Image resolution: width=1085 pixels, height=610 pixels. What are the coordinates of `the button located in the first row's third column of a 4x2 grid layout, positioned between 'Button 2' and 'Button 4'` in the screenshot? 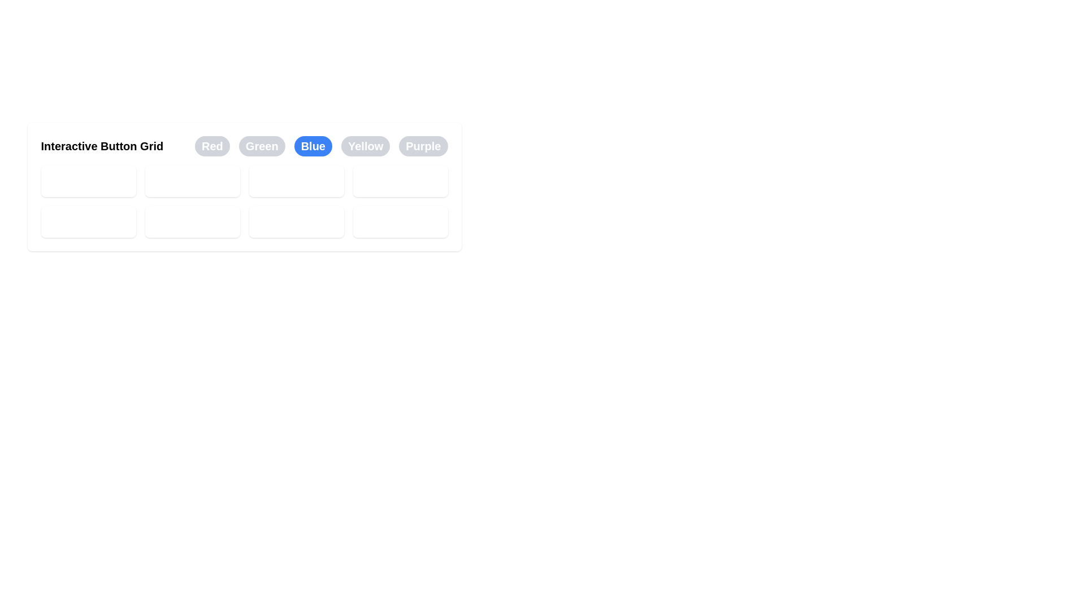 It's located at (296, 180).